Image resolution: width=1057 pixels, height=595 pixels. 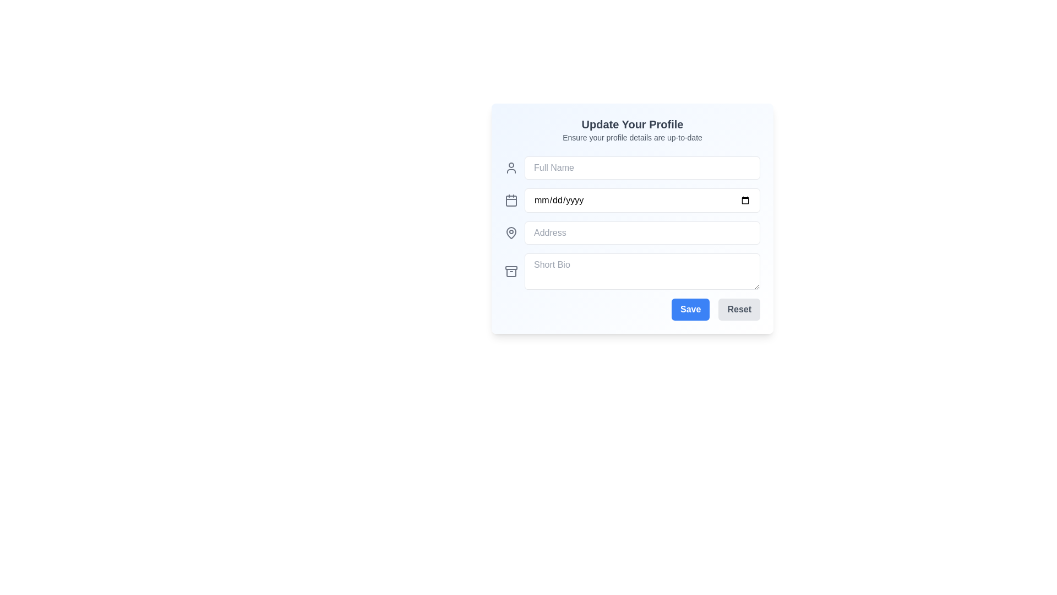 I want to click on the outer layer of the pin icon, which is gray in color and located beside the 'Address' input field, so click(x=511, y=231).